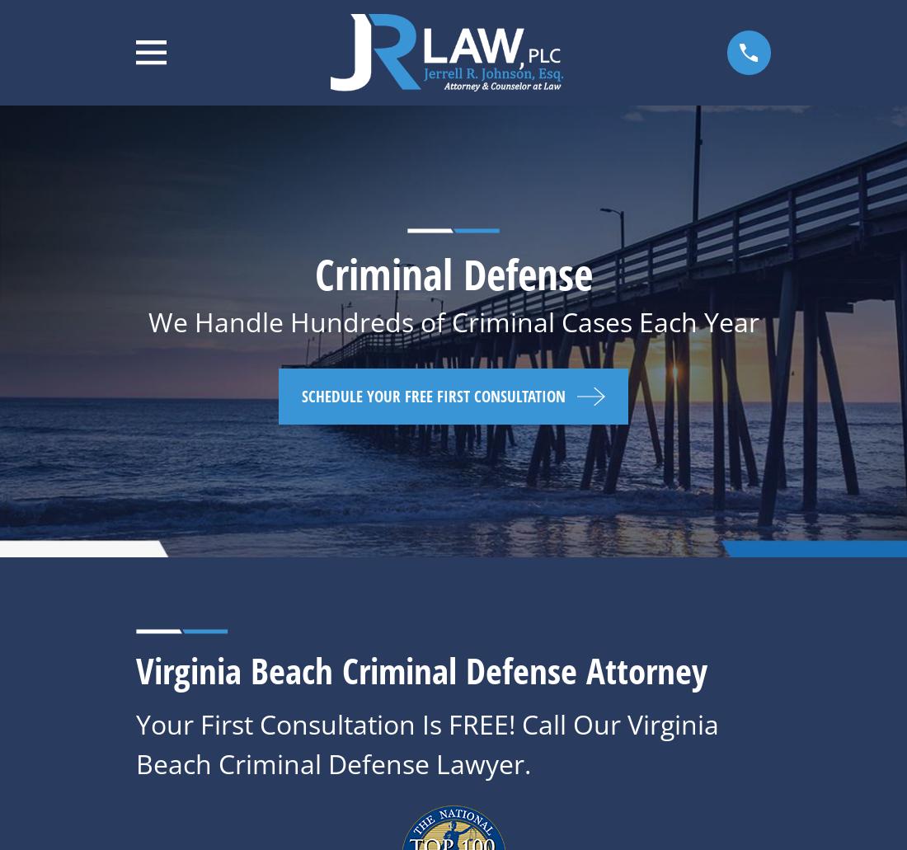  What do you see at coordinates (135, 680) in the screenshot?
I see `'Are you a new client?'` at bounding box center [135, 680].